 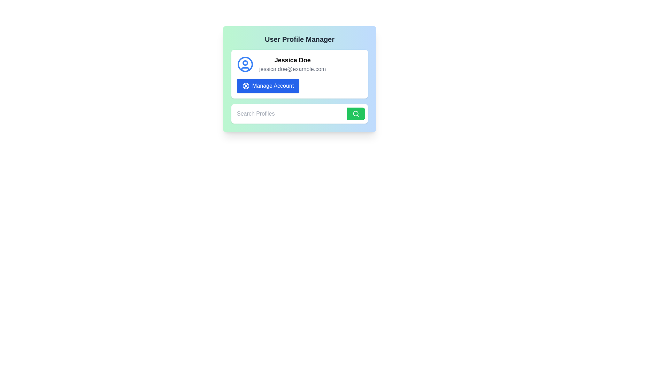 What do you see at coordinates (299, 79) in the screenshot?
I see `the account management button located inside a white box just below the user's name and email address` at bounding box center [299, 79].